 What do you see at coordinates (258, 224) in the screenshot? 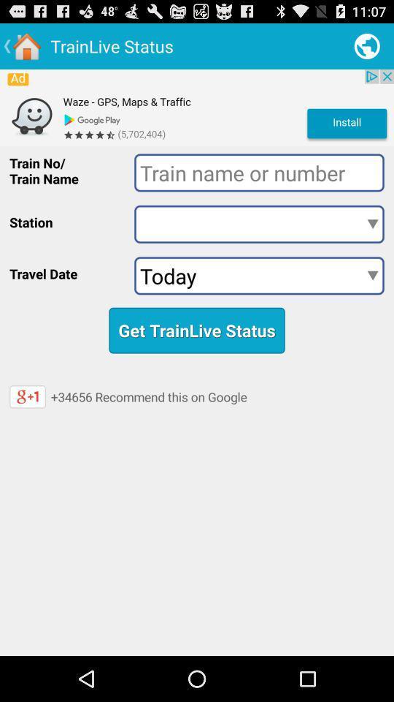
I see `station` at bounding box center [258, 224].